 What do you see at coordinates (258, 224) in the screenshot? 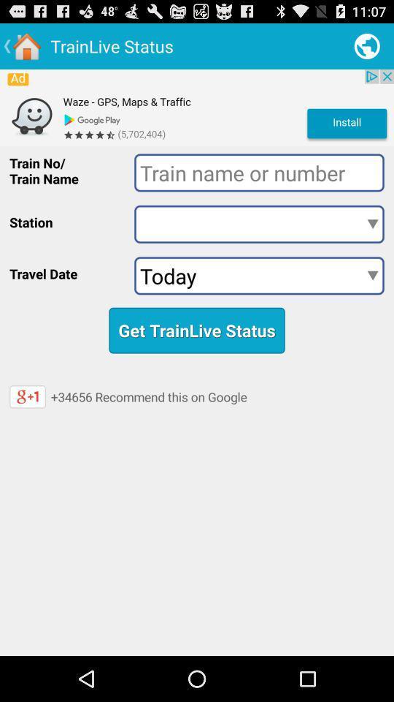
I see `station` at bounding box center [258, 224].